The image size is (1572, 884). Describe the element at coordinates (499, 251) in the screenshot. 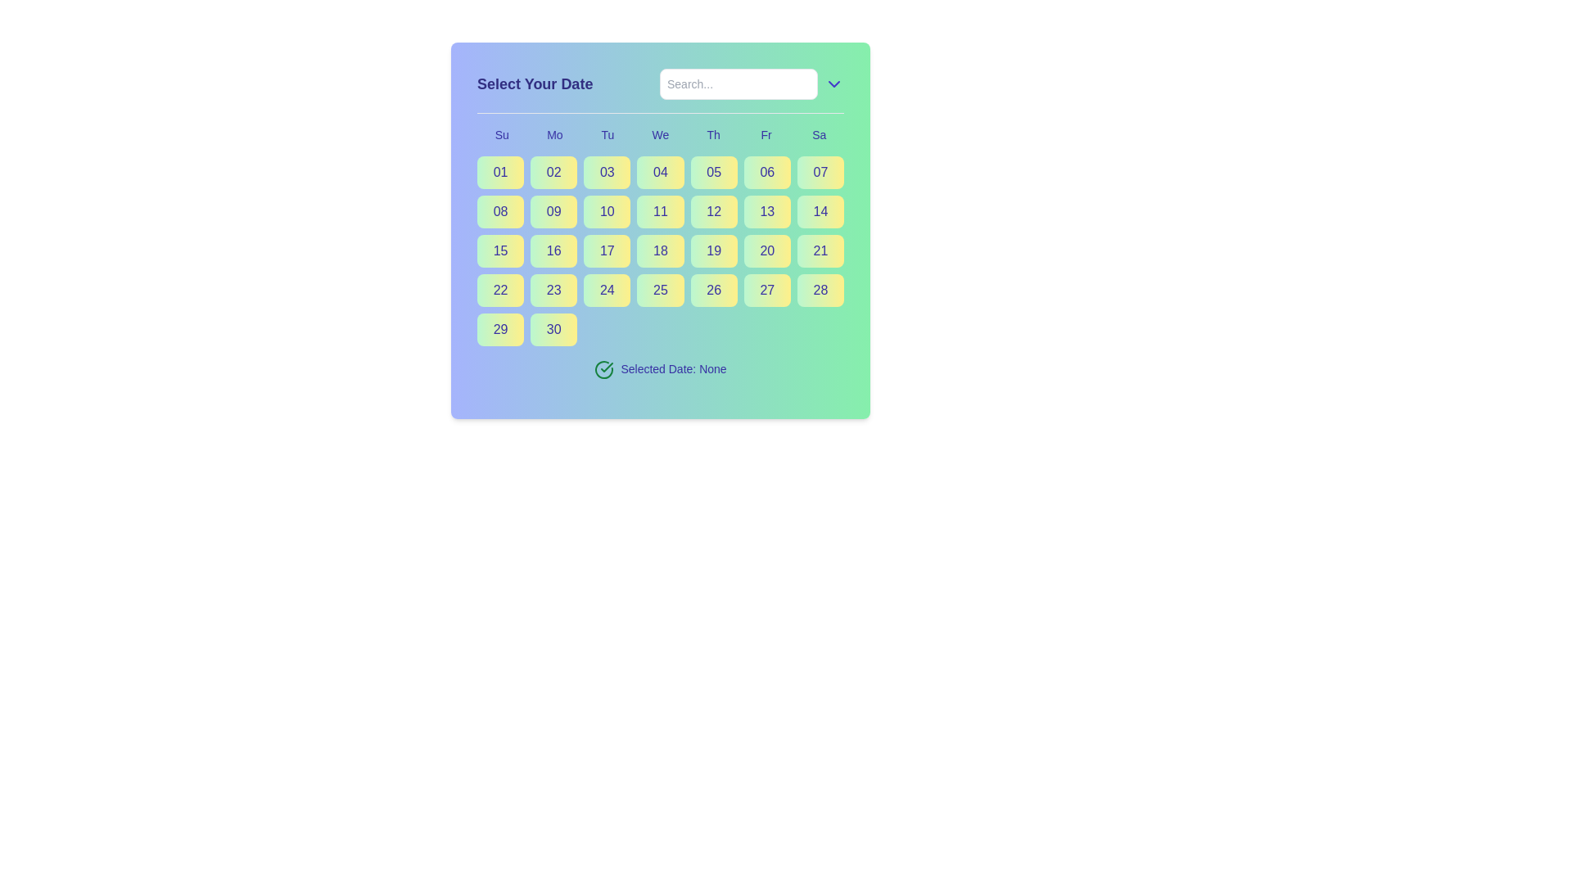

I see `the button with the number '15' in a prominent font style and a color gradient background transitioning from green to yellow` at that location.